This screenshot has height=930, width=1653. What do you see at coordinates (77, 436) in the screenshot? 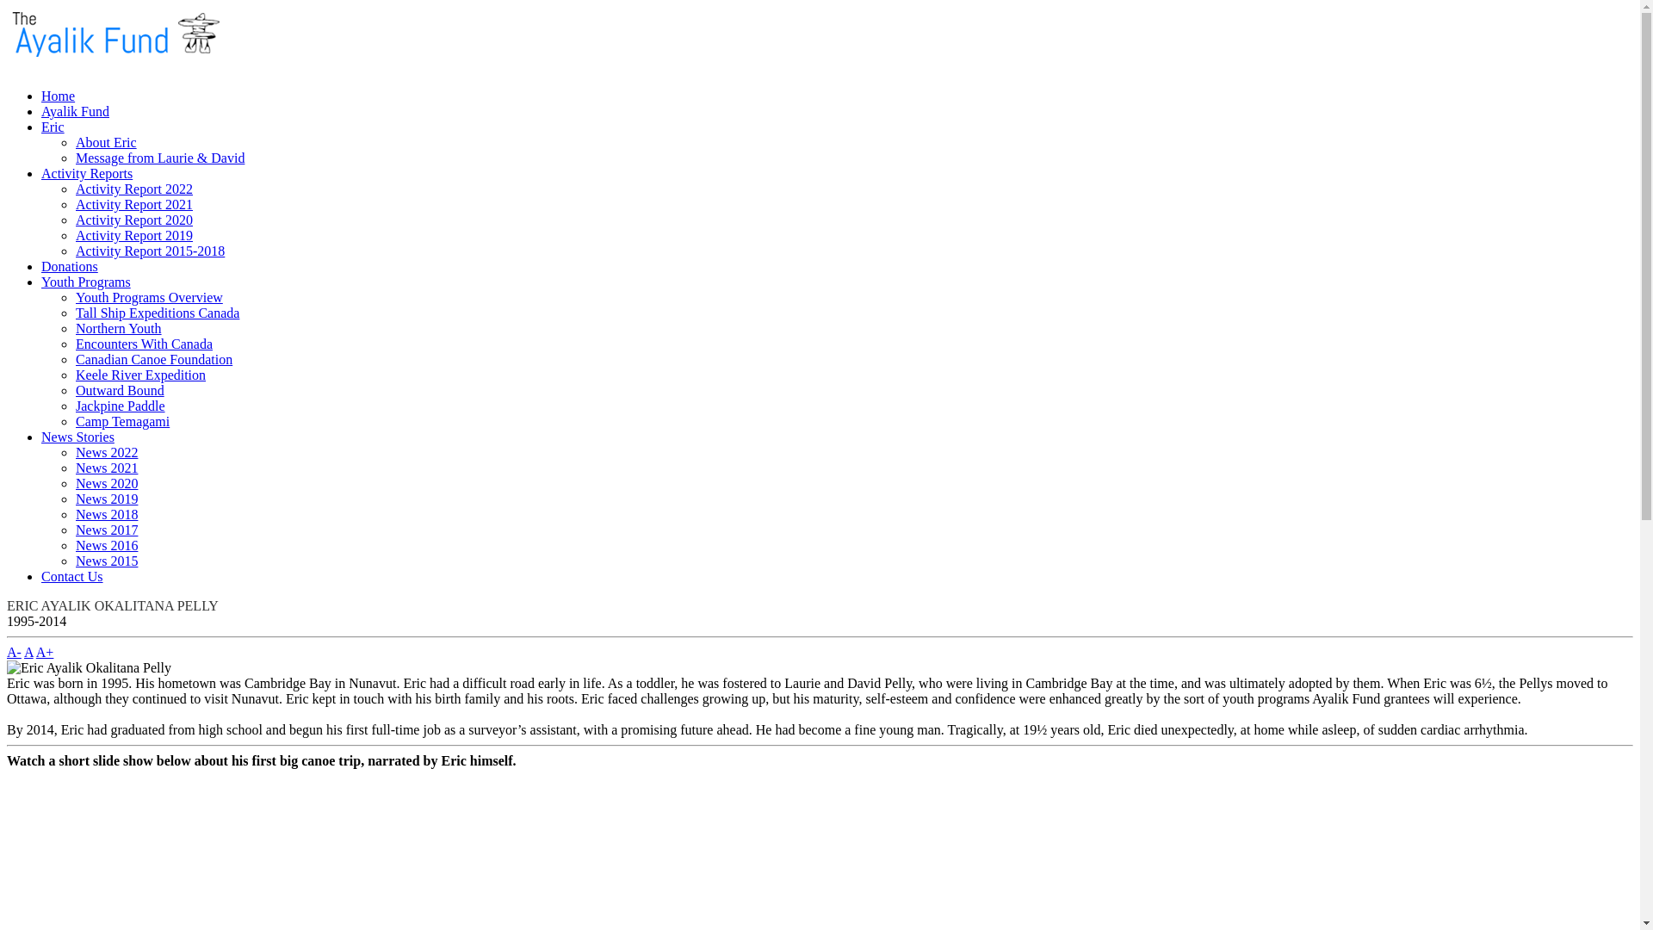
I see `'News Stories'` at bounding box center [77, 436].